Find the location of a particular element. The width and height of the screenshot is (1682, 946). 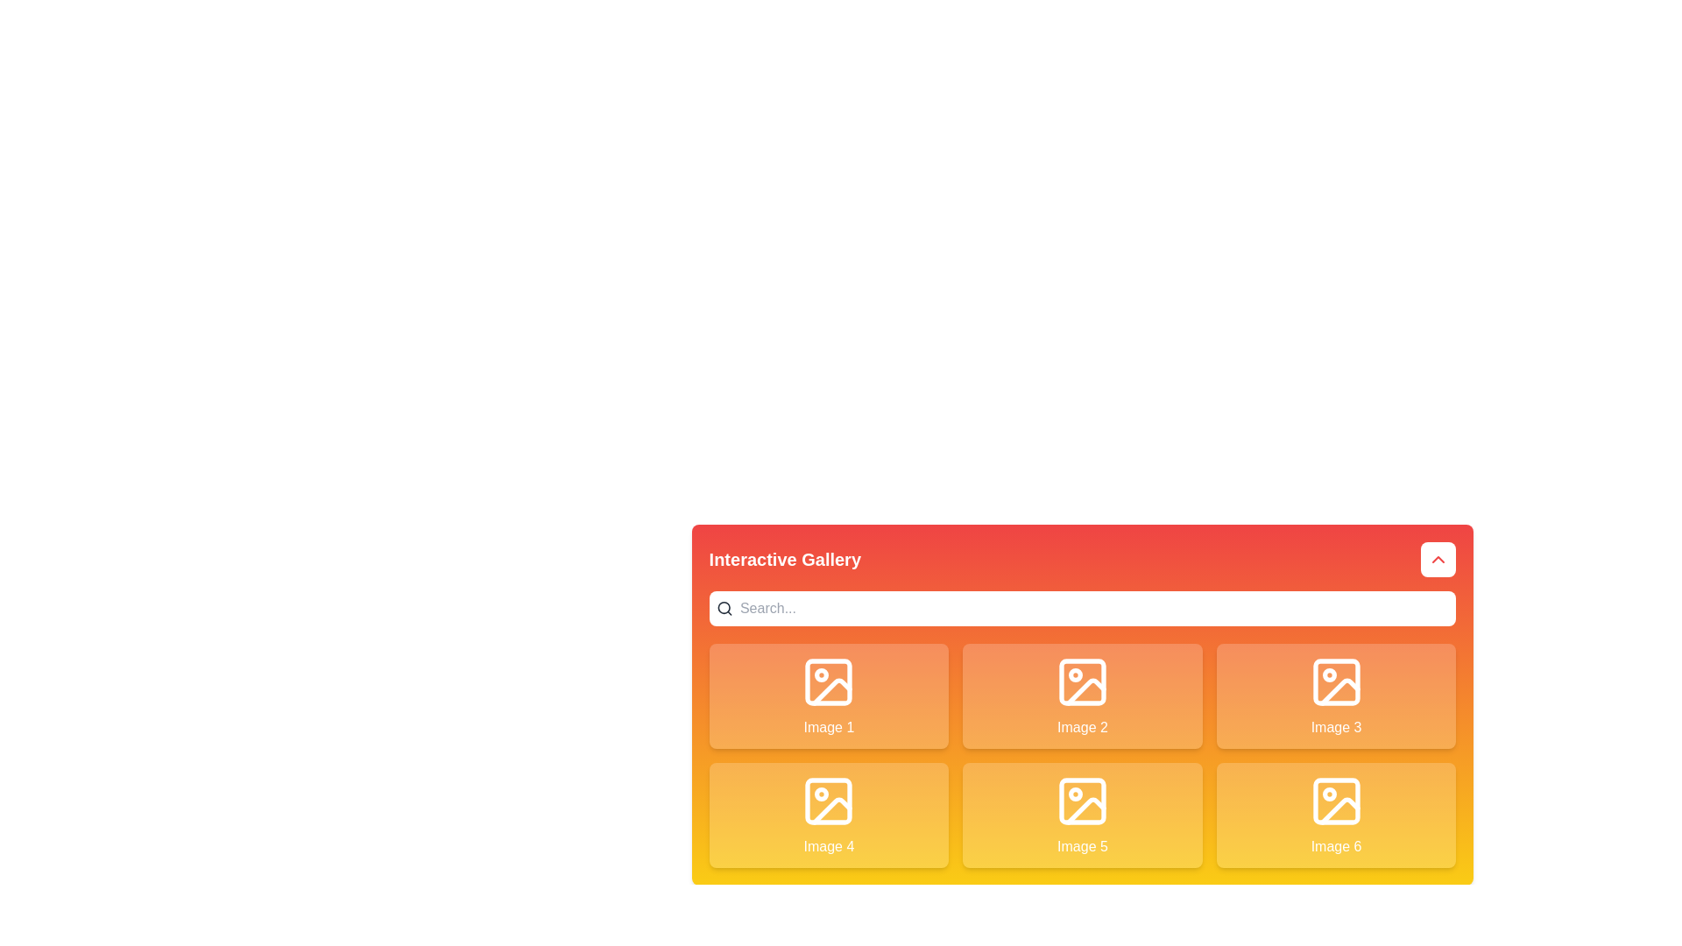

the image placeholder icon in the first card of the top row labeled 'Image 1' is located at coordinates (828, 681).